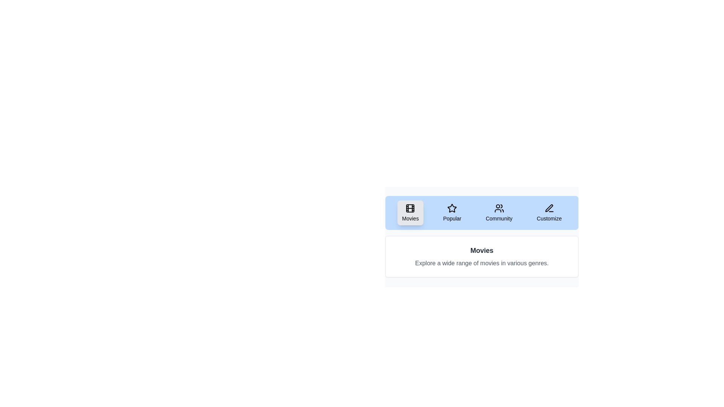 Image resolution: width=724 pixels, height=407 pixels. What do you see at coordinates (410, 213) in the screenshot?
I see `the tab labeled Movies to switch the displayed content` at bounding box center [410, 213].